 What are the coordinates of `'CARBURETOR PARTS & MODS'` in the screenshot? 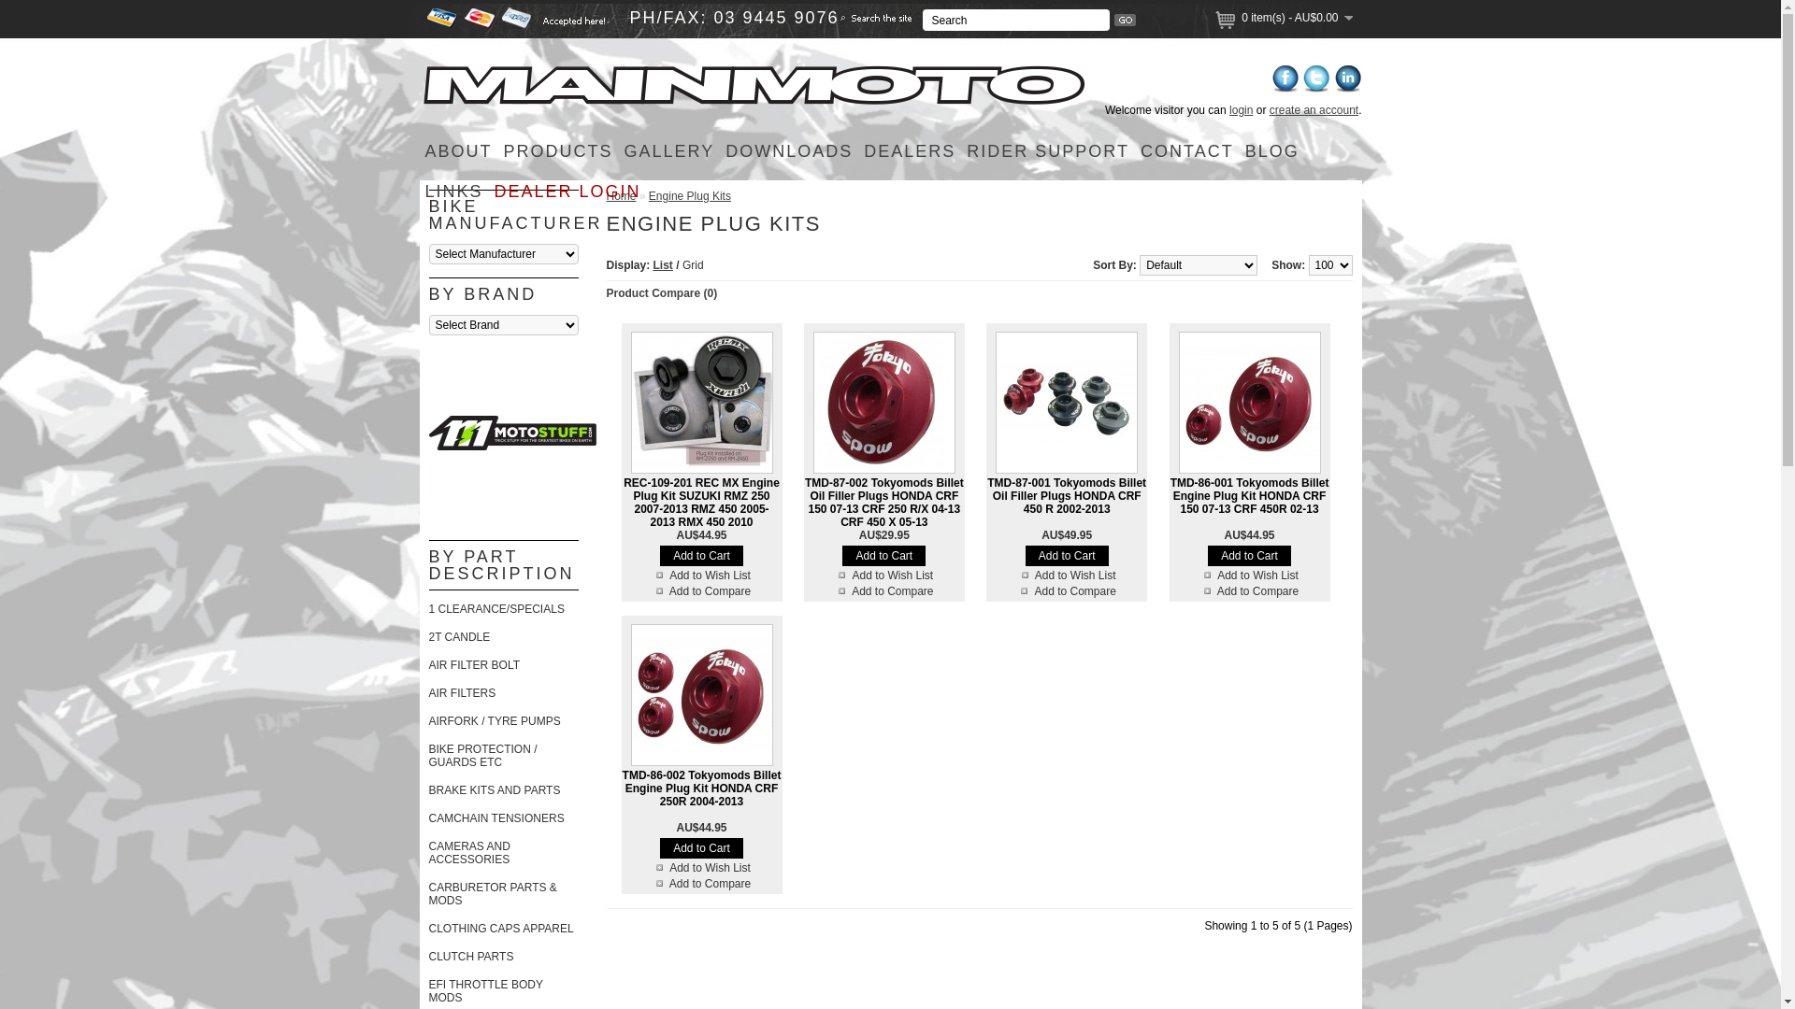 It's located at (426, 892).